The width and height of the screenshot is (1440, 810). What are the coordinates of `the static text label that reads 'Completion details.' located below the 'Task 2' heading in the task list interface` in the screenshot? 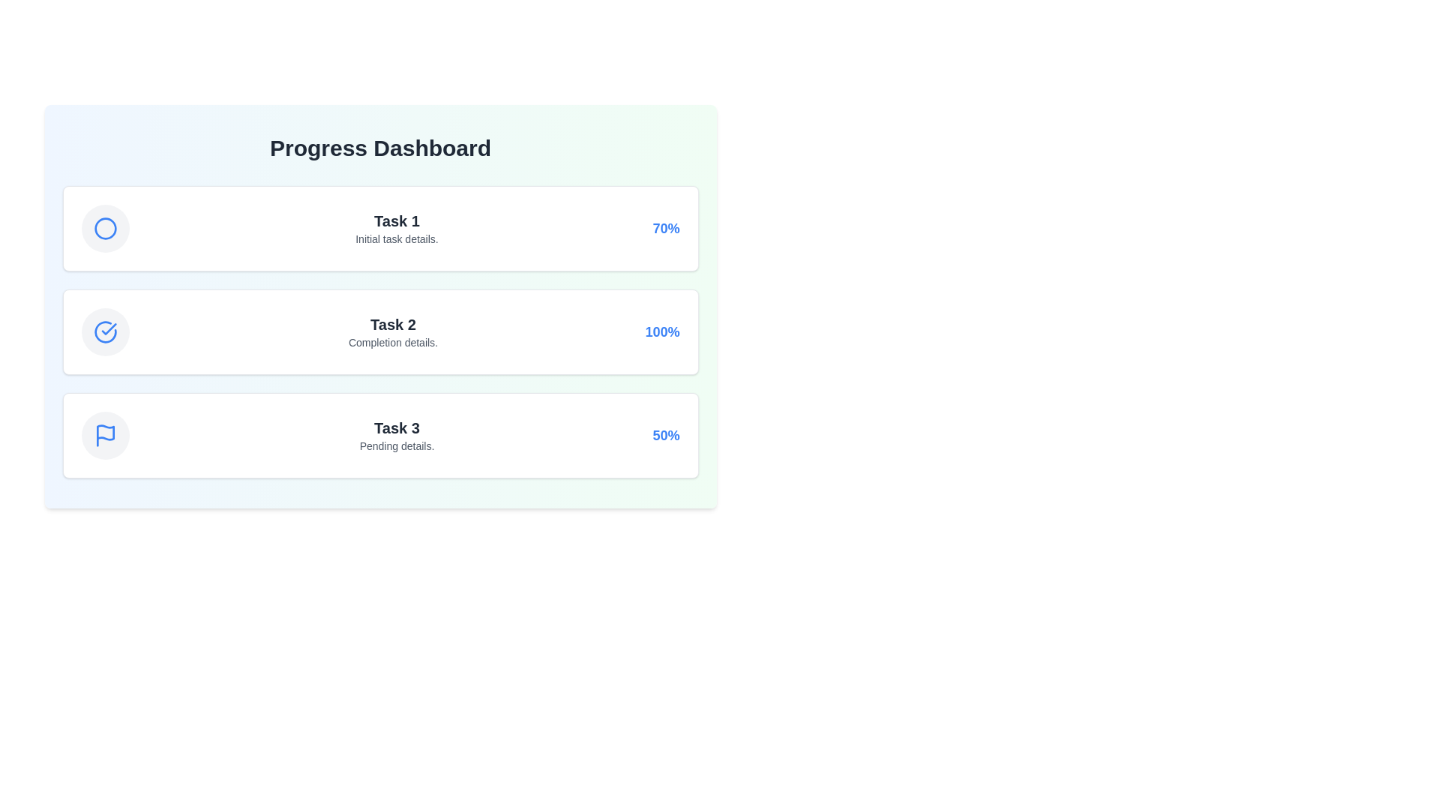 It's located at (393, 342).